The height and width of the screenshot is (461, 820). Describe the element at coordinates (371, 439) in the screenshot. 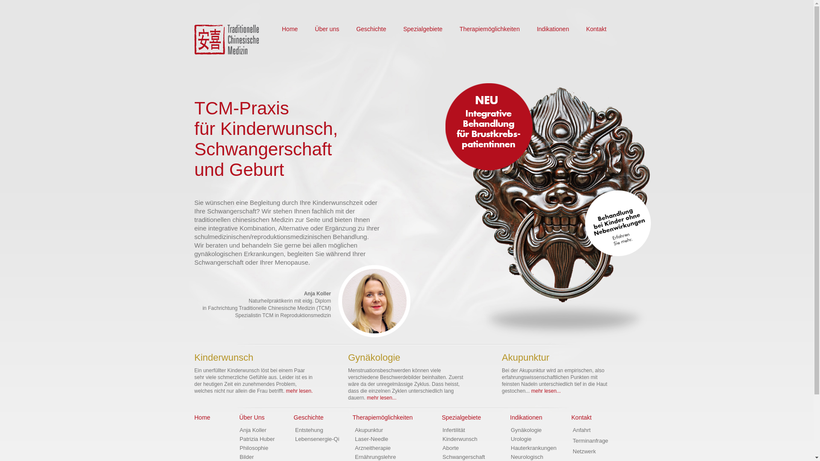

I see `'Laser-Needle'` at that location.